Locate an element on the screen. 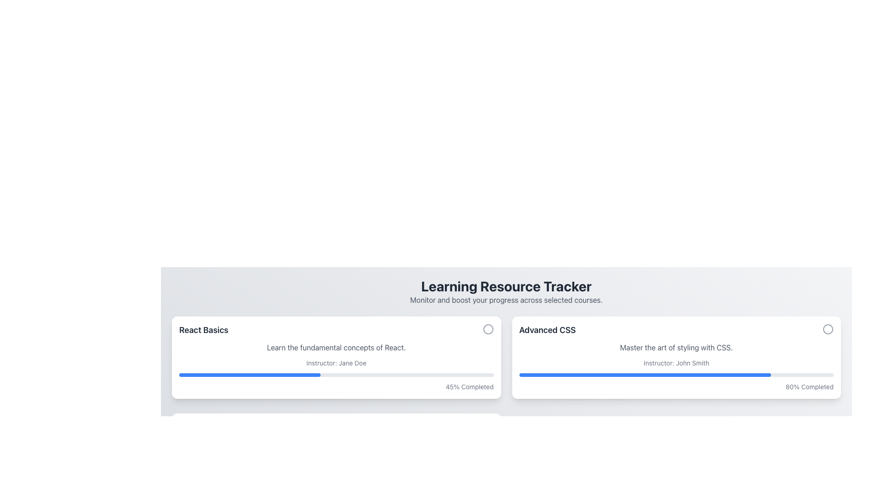  the horizontal progress bar indicating 45% progress, located within the 'React Basics' card, beneath the text 'Instructor: Jane Doe' and above '45% Completed' is located at coordinates (336, 375).